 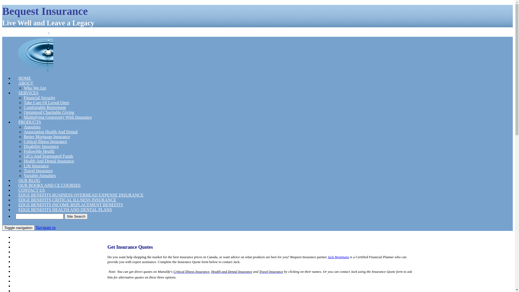 What do you see at coordinates (41, 146) in the screenshot?
I see `'Disability Insurance'` at bounding box center [41, 146].